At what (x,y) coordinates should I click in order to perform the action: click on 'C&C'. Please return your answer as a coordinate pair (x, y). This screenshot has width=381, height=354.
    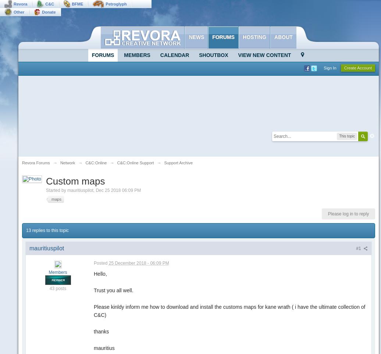
    Looking at the image, I should click on (49, 3).